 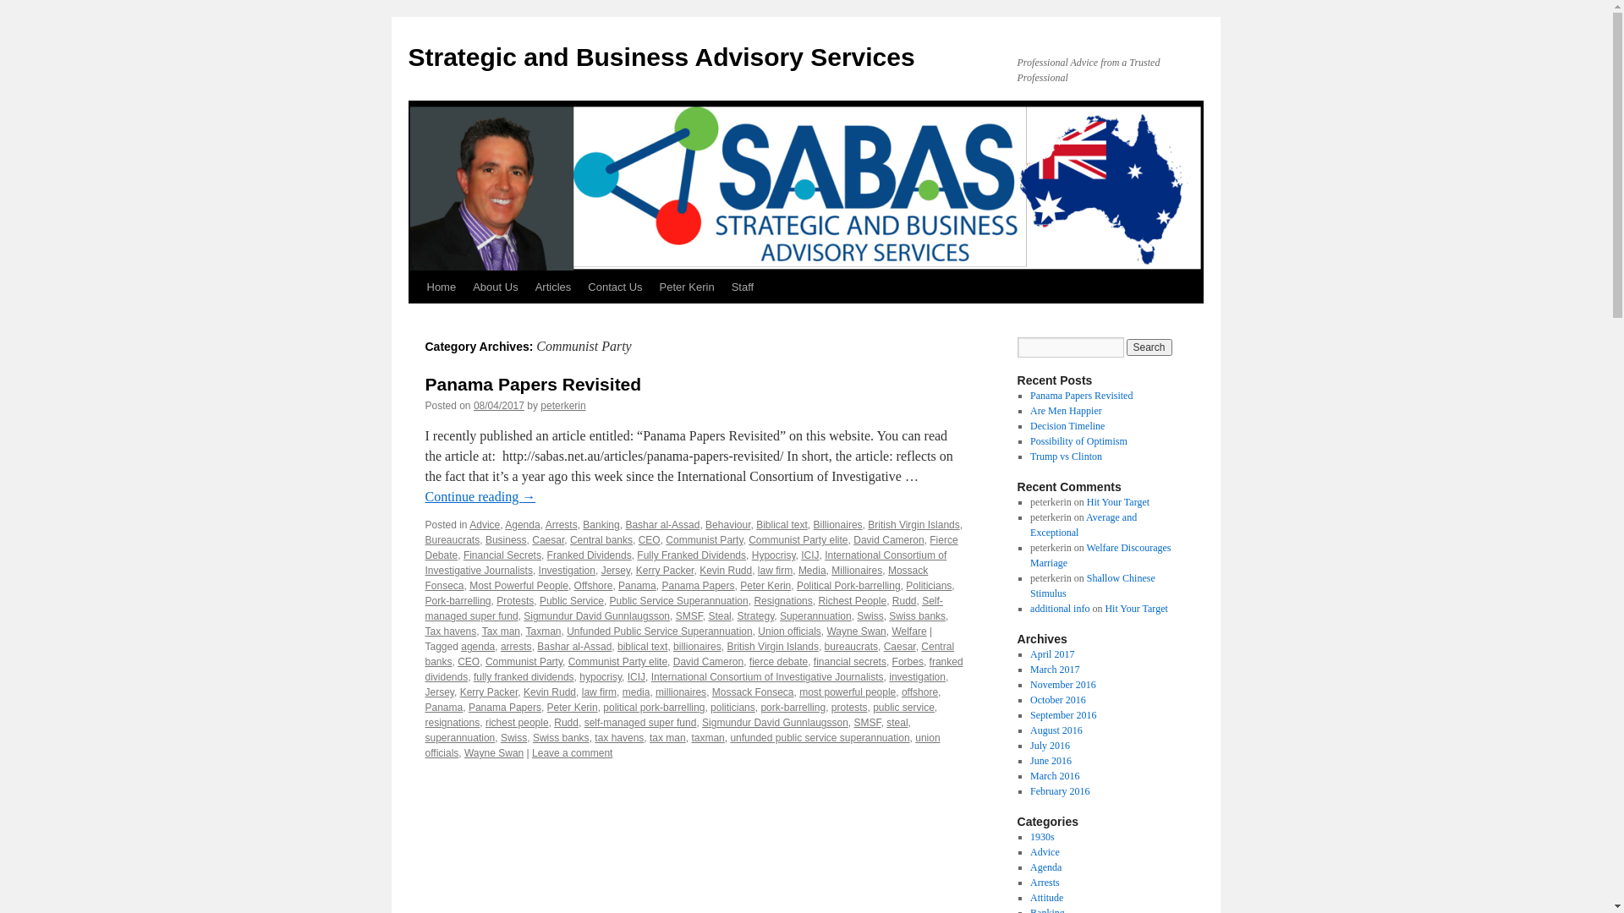 I want to click on 'Investigation', so click(x=538, y=571).